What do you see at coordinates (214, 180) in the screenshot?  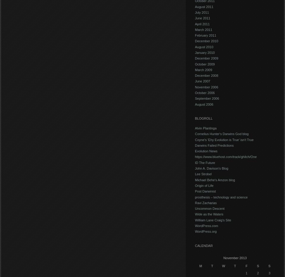 I see `'Michael Behe's Amzon blog'` at bounding box center [214, 180].